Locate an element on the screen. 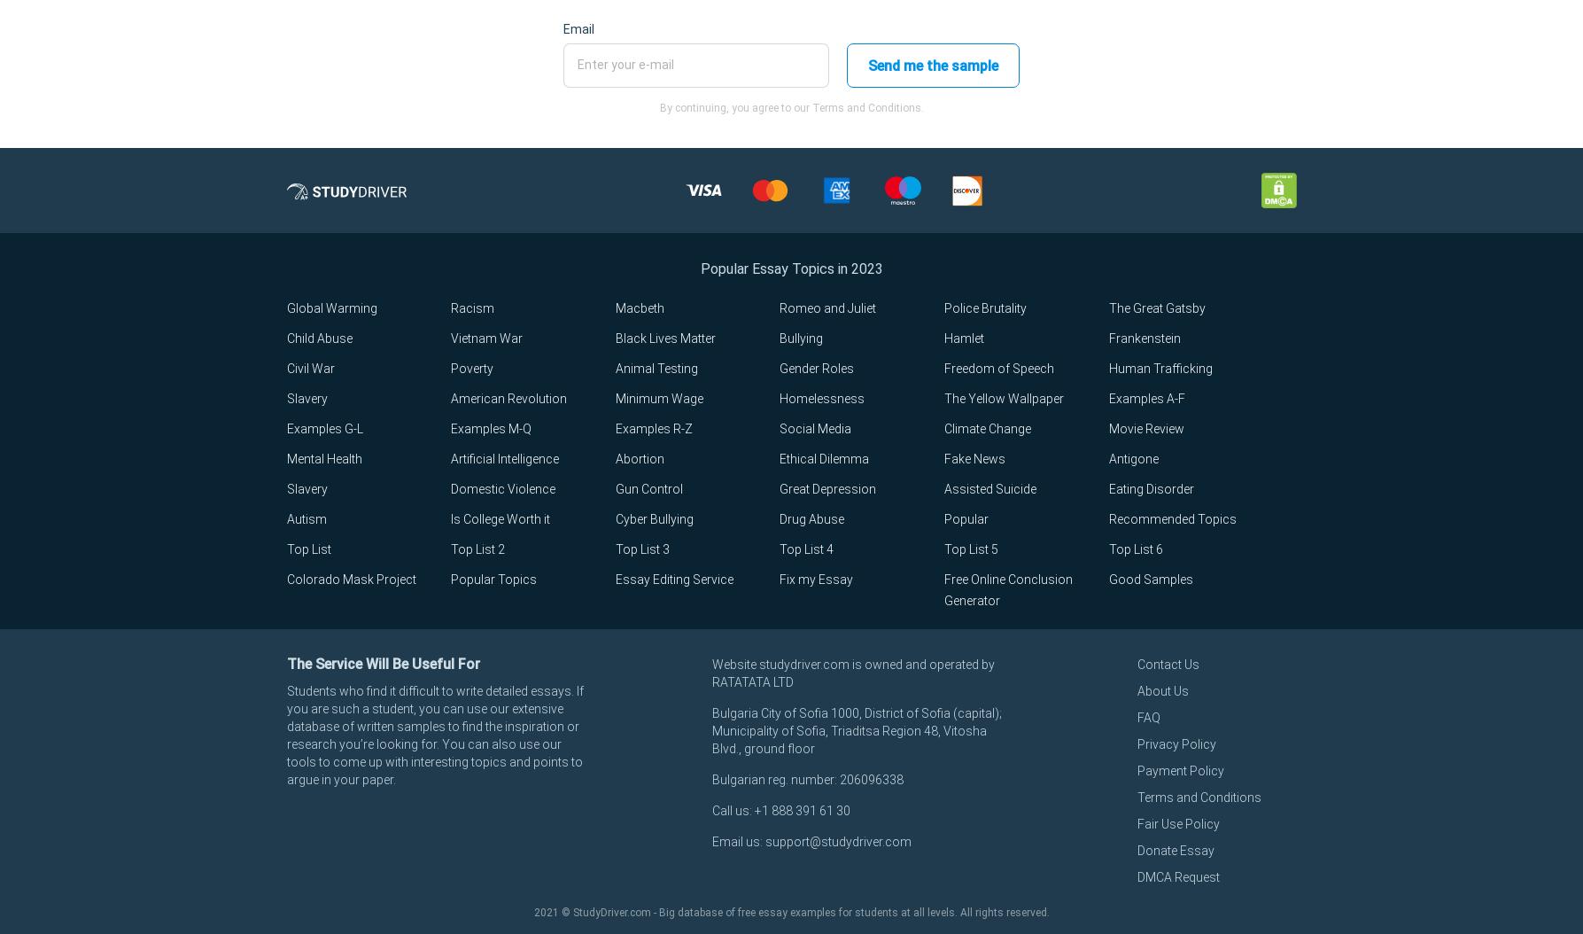  'Top List' is located at coordinates (307, 548).